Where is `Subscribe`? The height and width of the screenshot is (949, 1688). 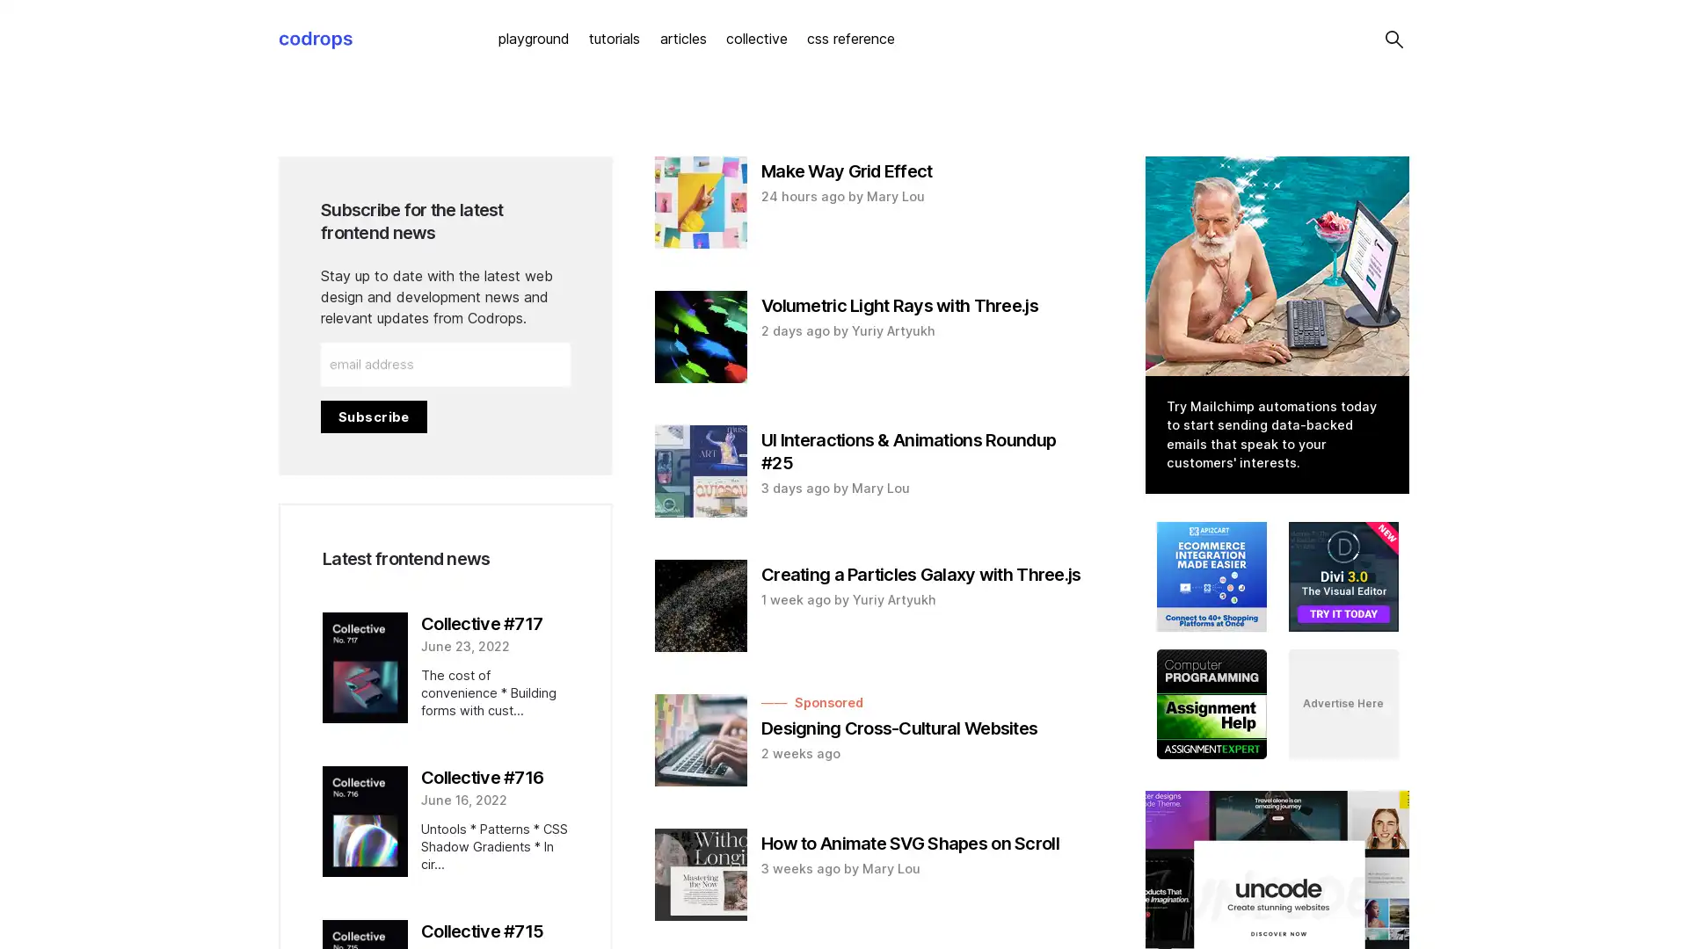
Subscribe is located at coordinates (373, 416).